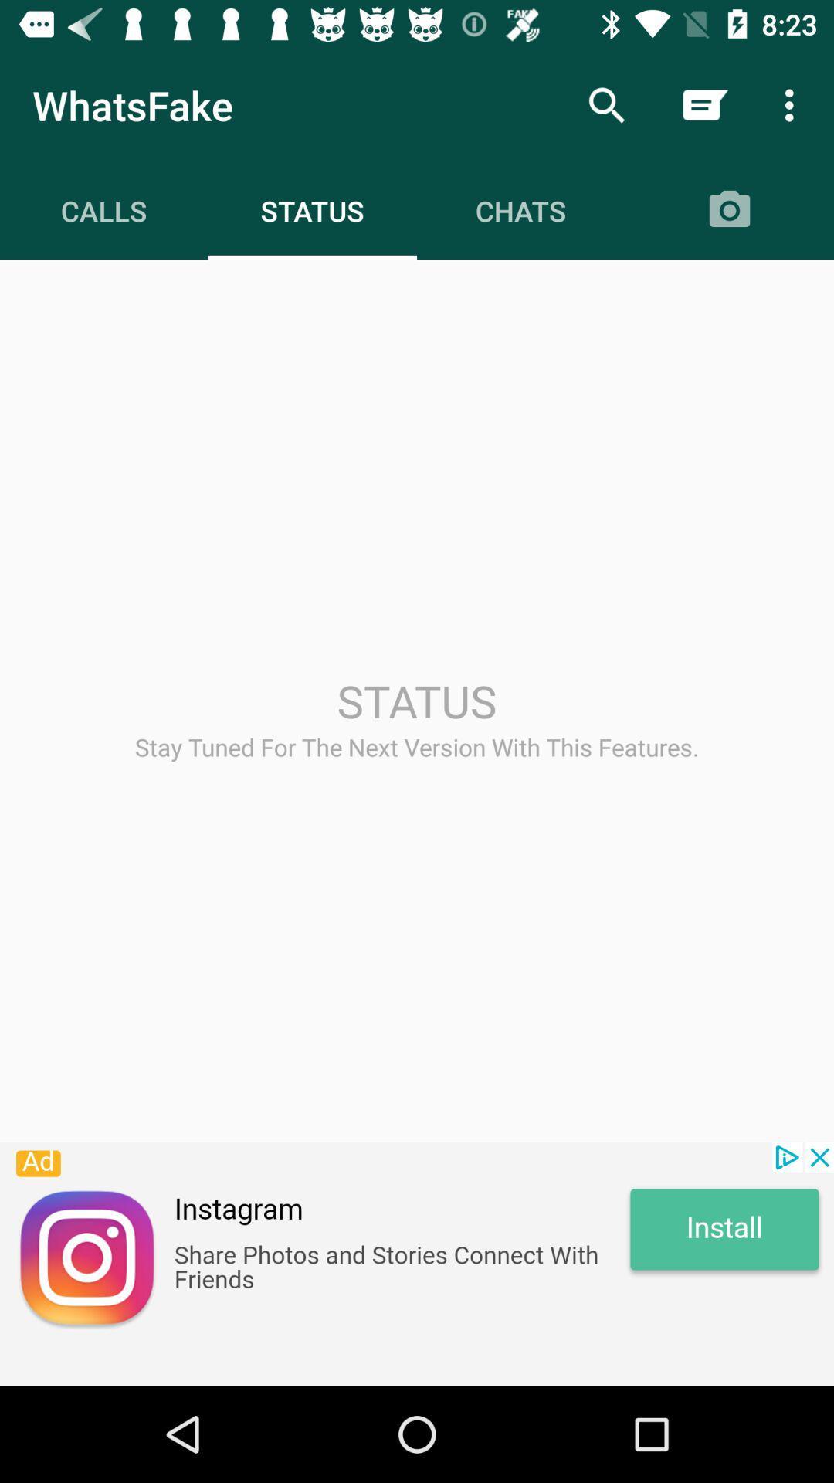 The width and height of the screenshot is (834, 1483). I want to click on the advertisement, so click(417, 1264).